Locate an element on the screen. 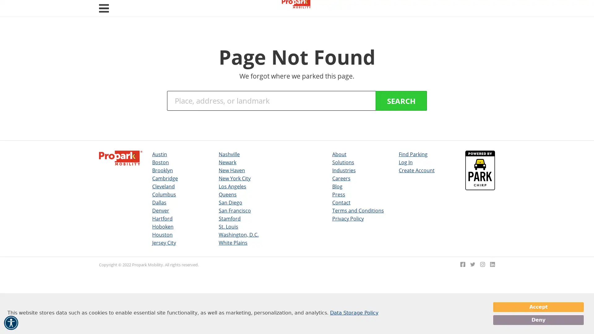 The image size is (594, 334). Accessibility Menu is located at coordinates (11, 323).